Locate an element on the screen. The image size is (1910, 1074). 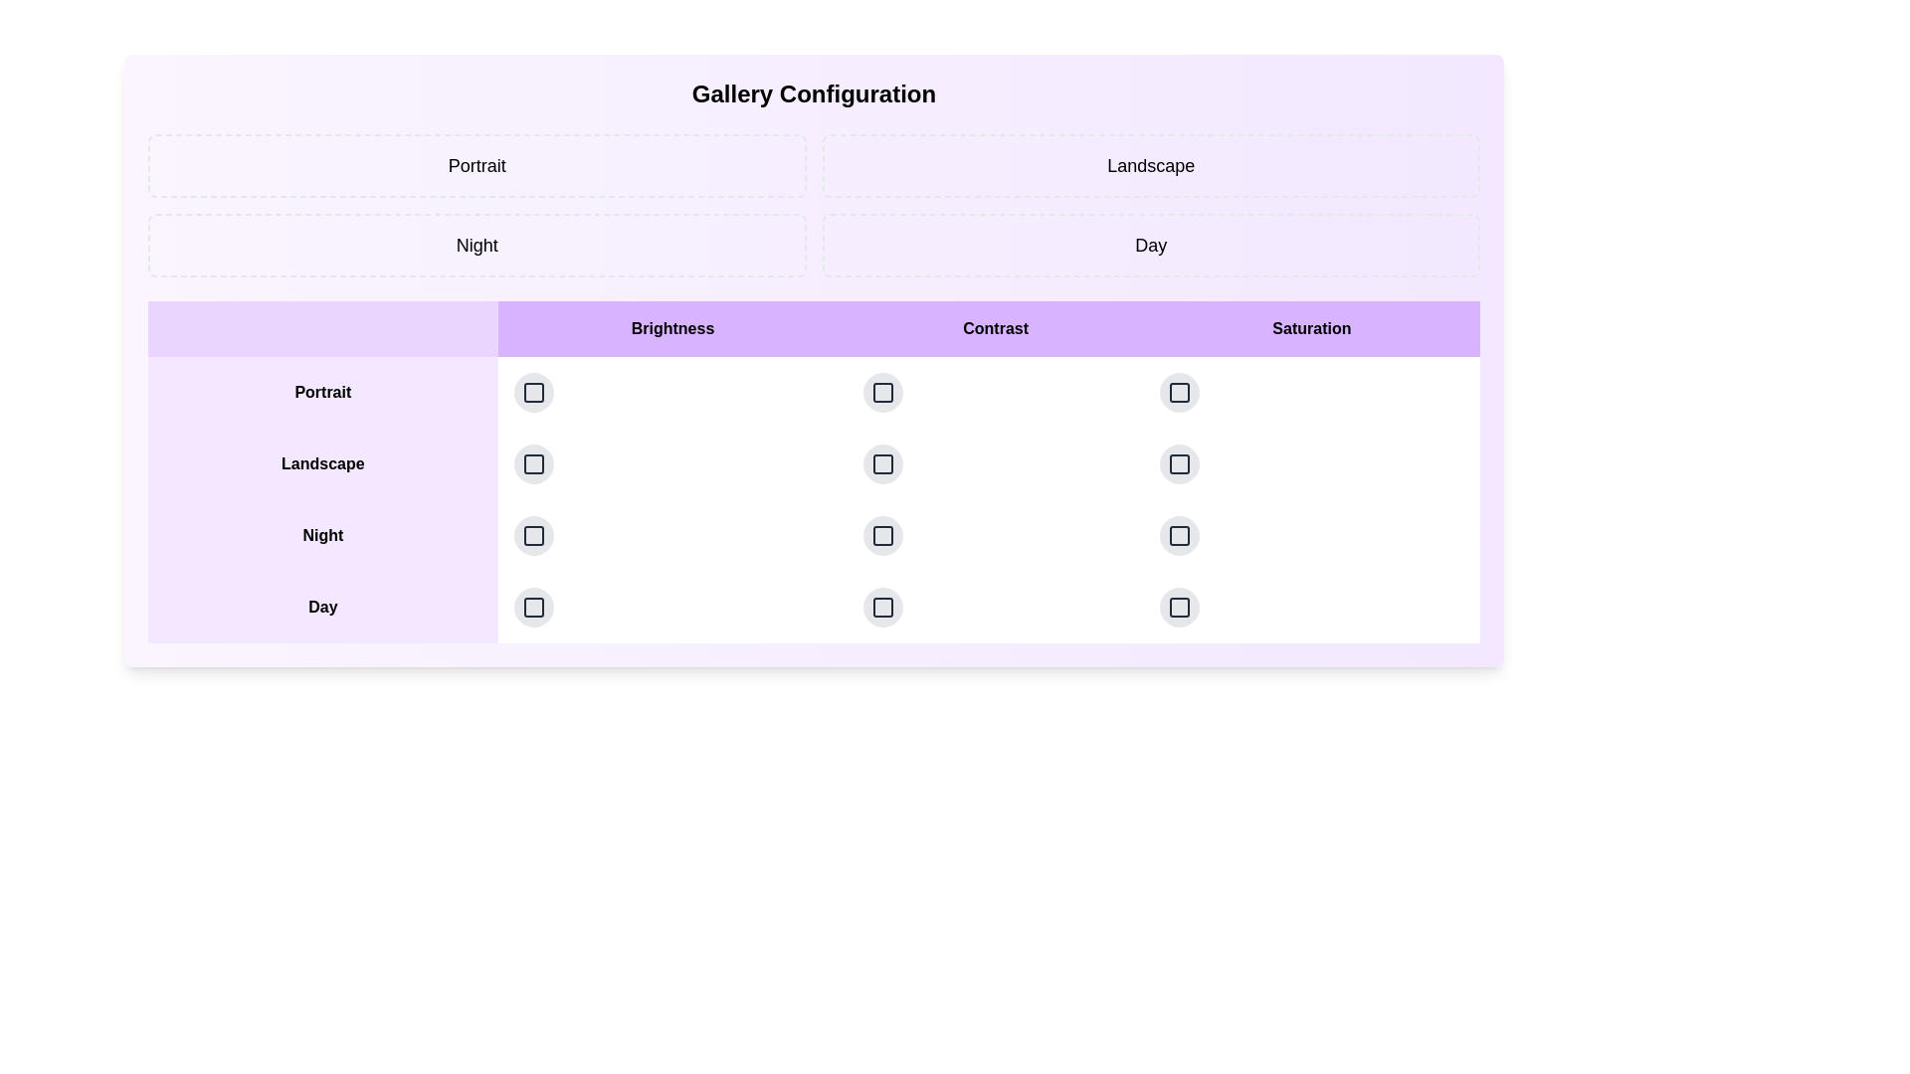
the toggle button located in the bottom row of the table under the 'Brightness' column and the 'Day' row is located at coordinates (533, 606).